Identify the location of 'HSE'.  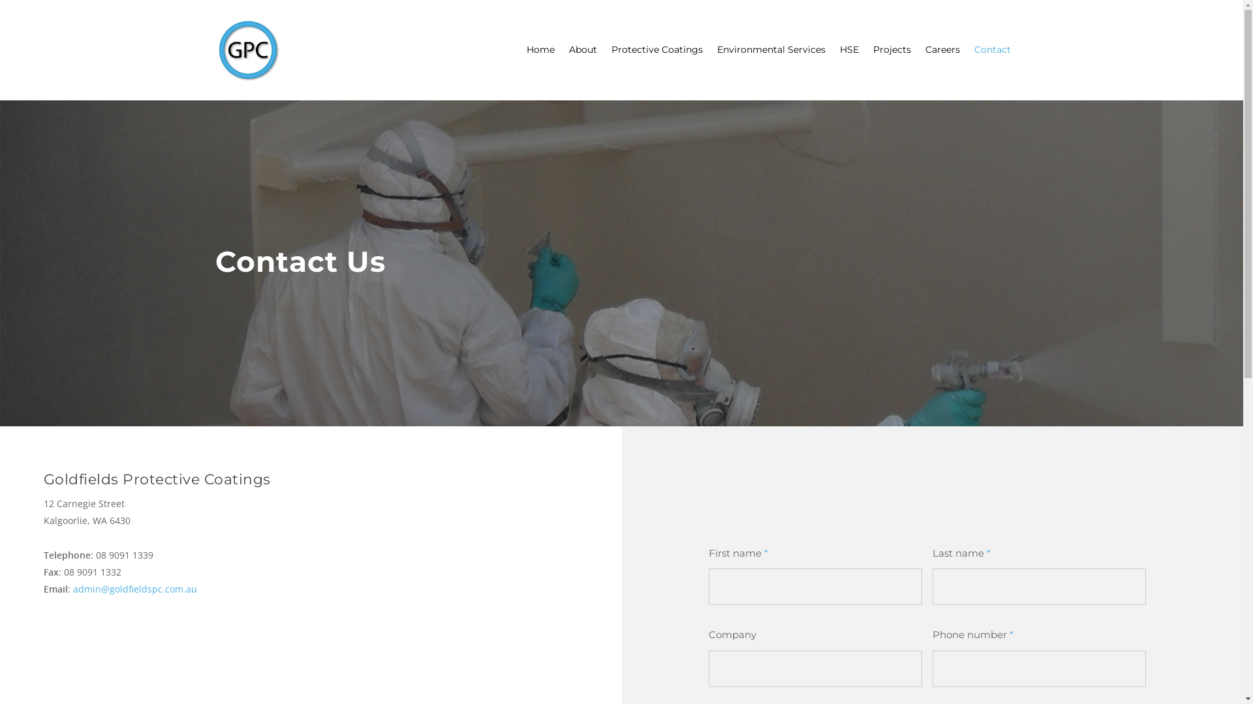
(849, 59).